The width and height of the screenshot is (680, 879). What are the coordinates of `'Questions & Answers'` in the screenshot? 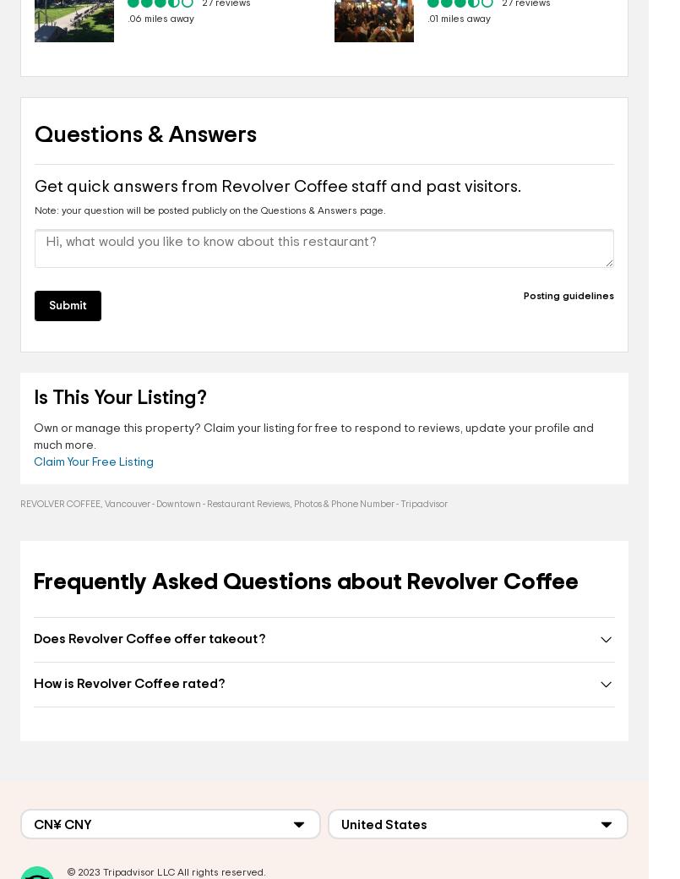 It's located at (34, 134).